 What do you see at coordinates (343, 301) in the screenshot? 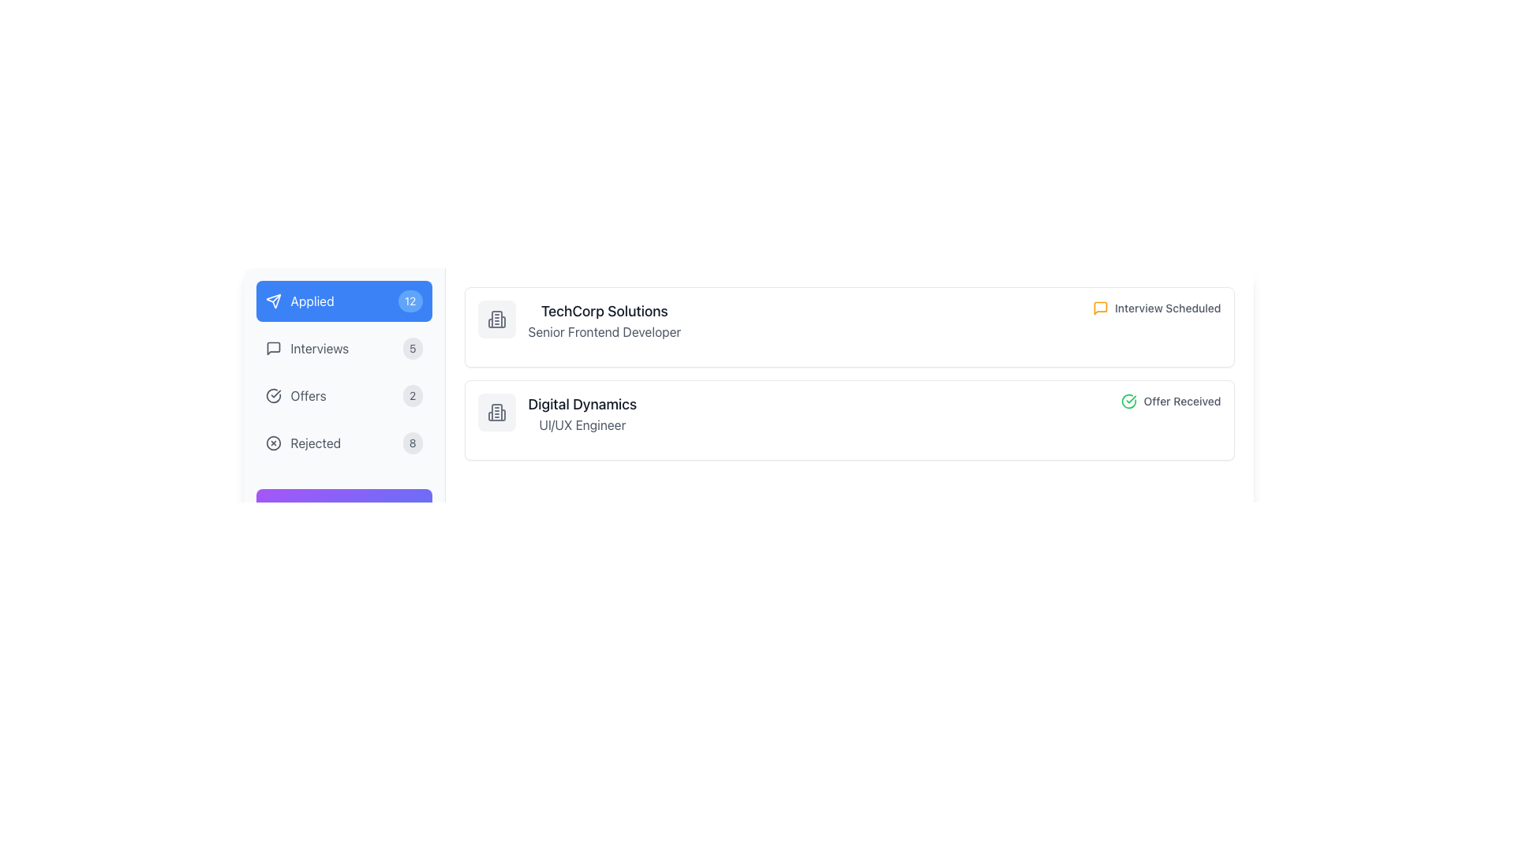
I see `the 'Applied' button located at the top of the vertical list` at bounding box center [343, 301].